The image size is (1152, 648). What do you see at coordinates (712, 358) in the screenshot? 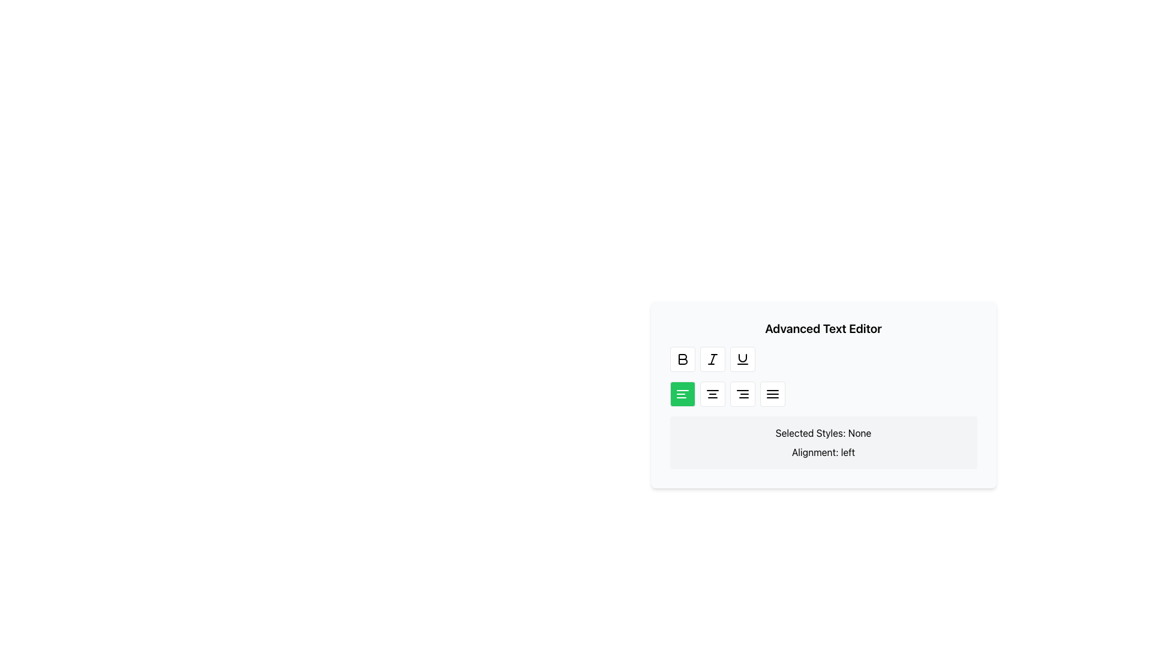
I see `the small square button with a white background and a black italicized 'I' icon in the second position of the text editor toolbar` at bounding box center [712, 358].